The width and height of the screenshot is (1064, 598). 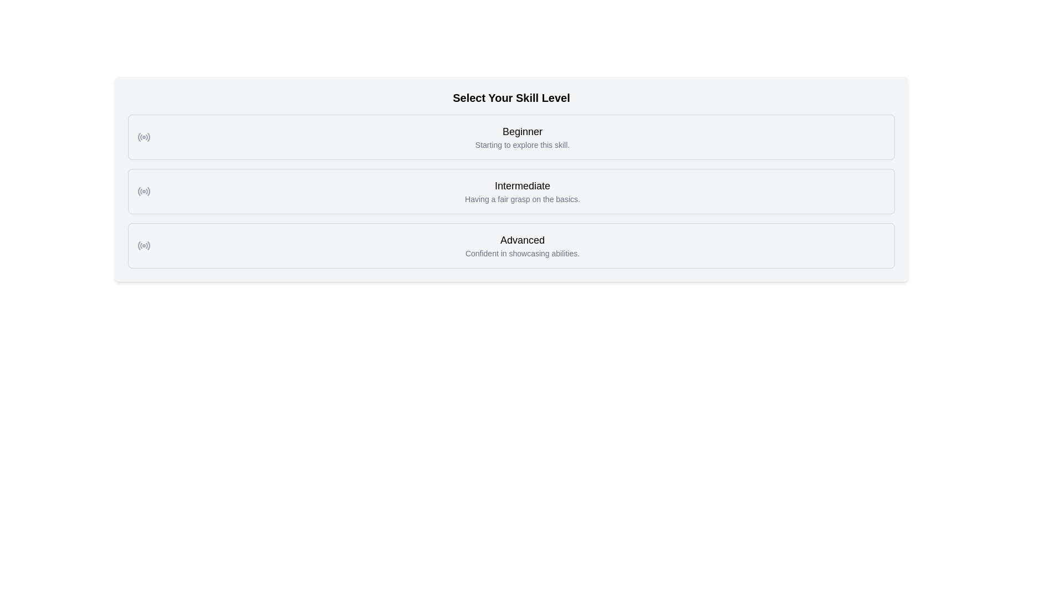 What do you see at coordinates (521, 185) in the screenshot?
I see `text label that says 'Intermediate' located in the skill selection menu, which is positioned above the descriptive text 'Having a fair grasp on the basics.'` at bounding box center [521, 185].